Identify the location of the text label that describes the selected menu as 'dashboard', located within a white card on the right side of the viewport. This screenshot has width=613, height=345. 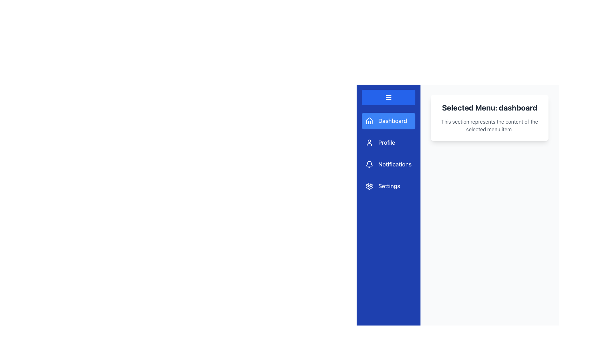
(489, 126).